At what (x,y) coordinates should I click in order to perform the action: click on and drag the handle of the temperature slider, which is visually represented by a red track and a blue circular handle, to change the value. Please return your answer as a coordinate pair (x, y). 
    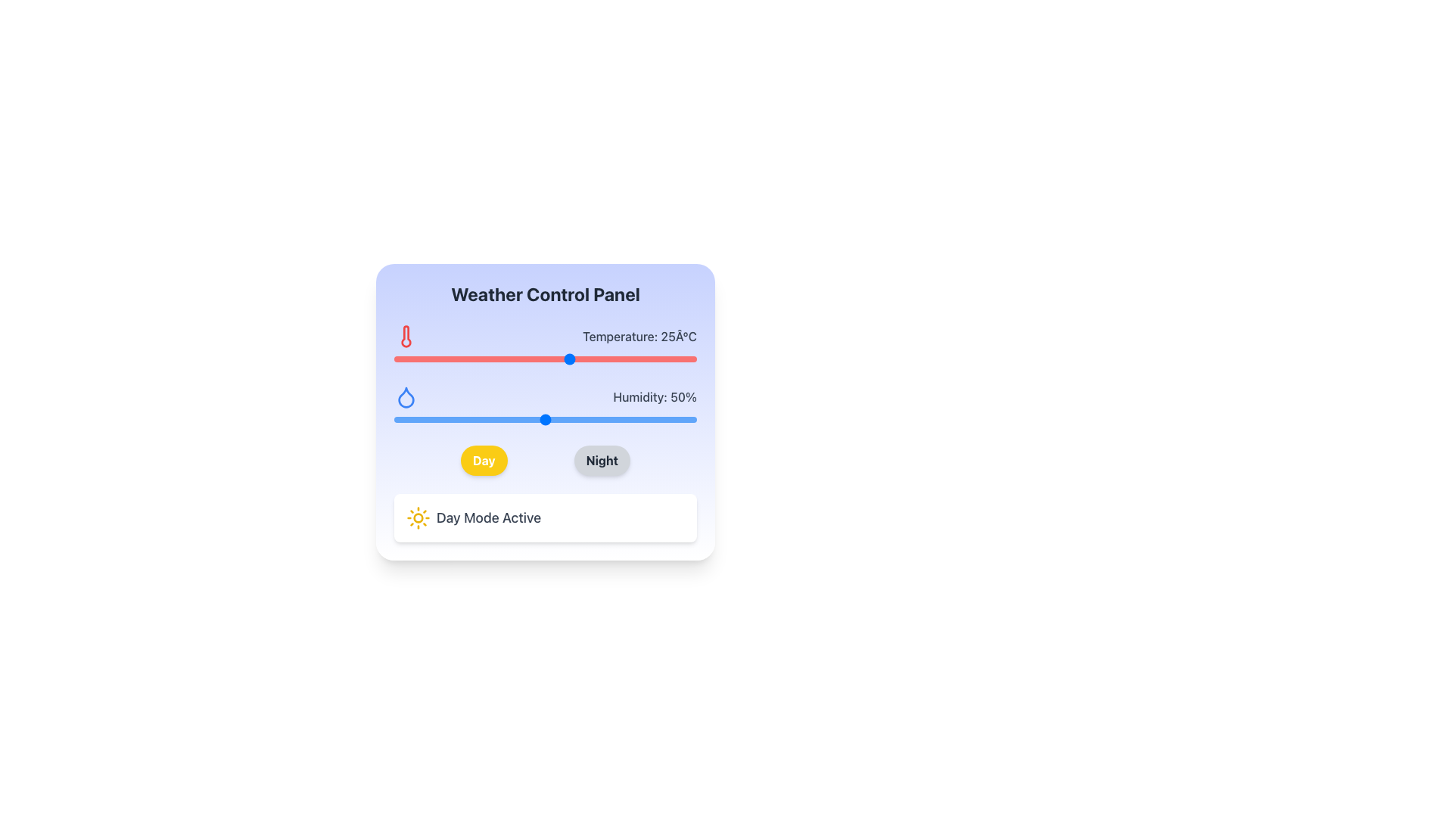
    Looking at the image, I should click on (545, 359).